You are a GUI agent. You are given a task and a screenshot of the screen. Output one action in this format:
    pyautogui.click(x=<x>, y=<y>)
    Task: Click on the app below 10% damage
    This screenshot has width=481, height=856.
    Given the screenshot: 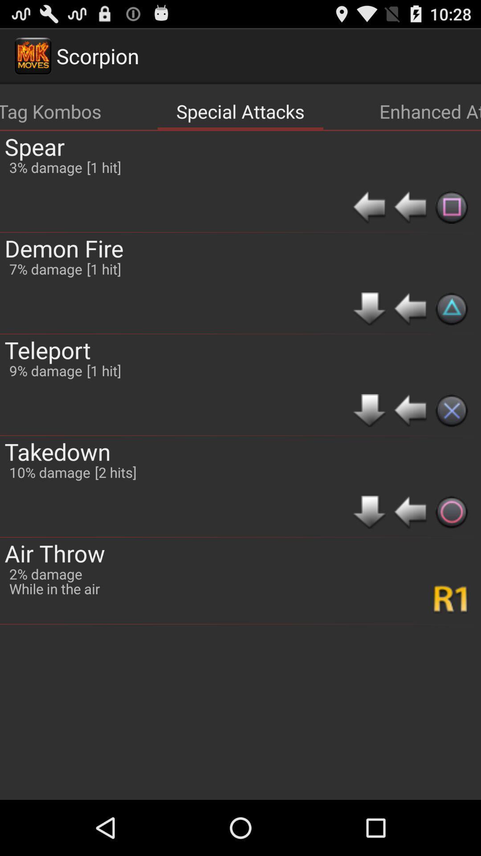 What is the action you would take?
    pyautogui.click(x=55, y=552)
    